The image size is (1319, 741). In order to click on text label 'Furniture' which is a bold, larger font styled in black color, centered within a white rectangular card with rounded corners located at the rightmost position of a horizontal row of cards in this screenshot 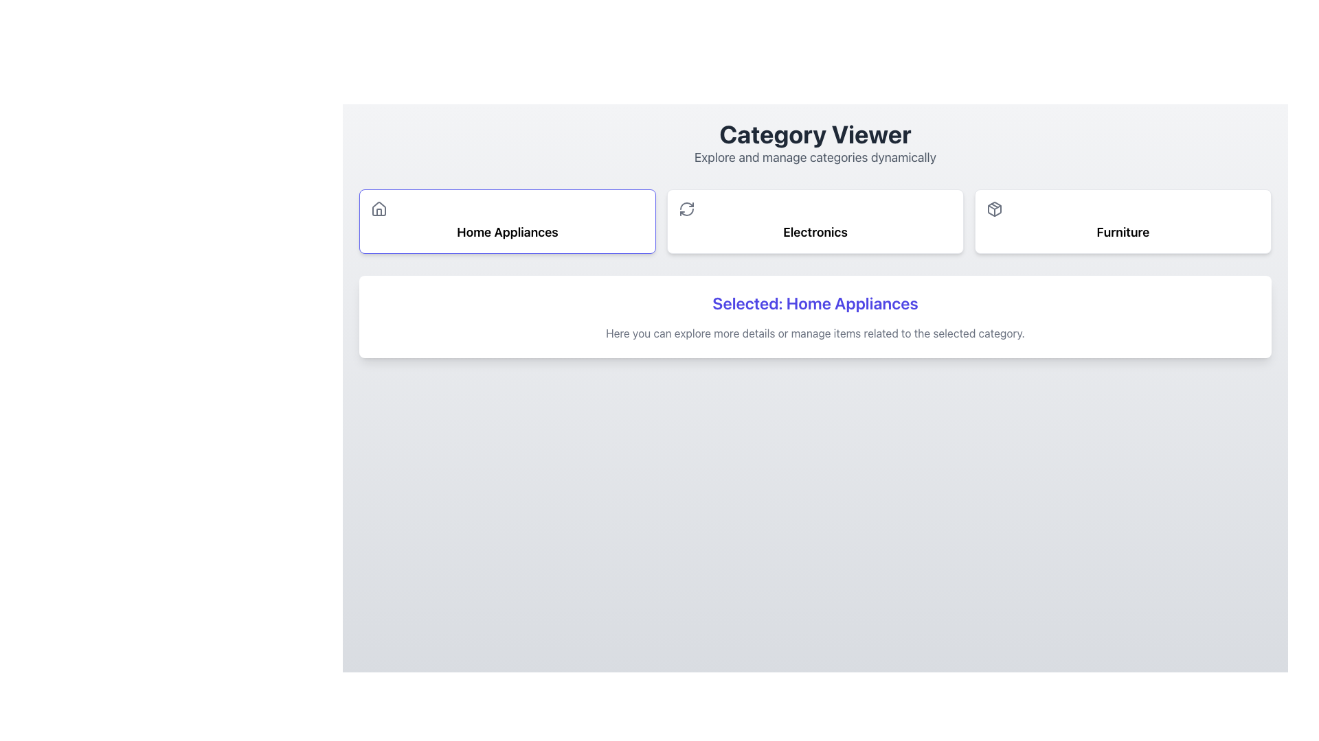, I will do `click(1123, 232)`.